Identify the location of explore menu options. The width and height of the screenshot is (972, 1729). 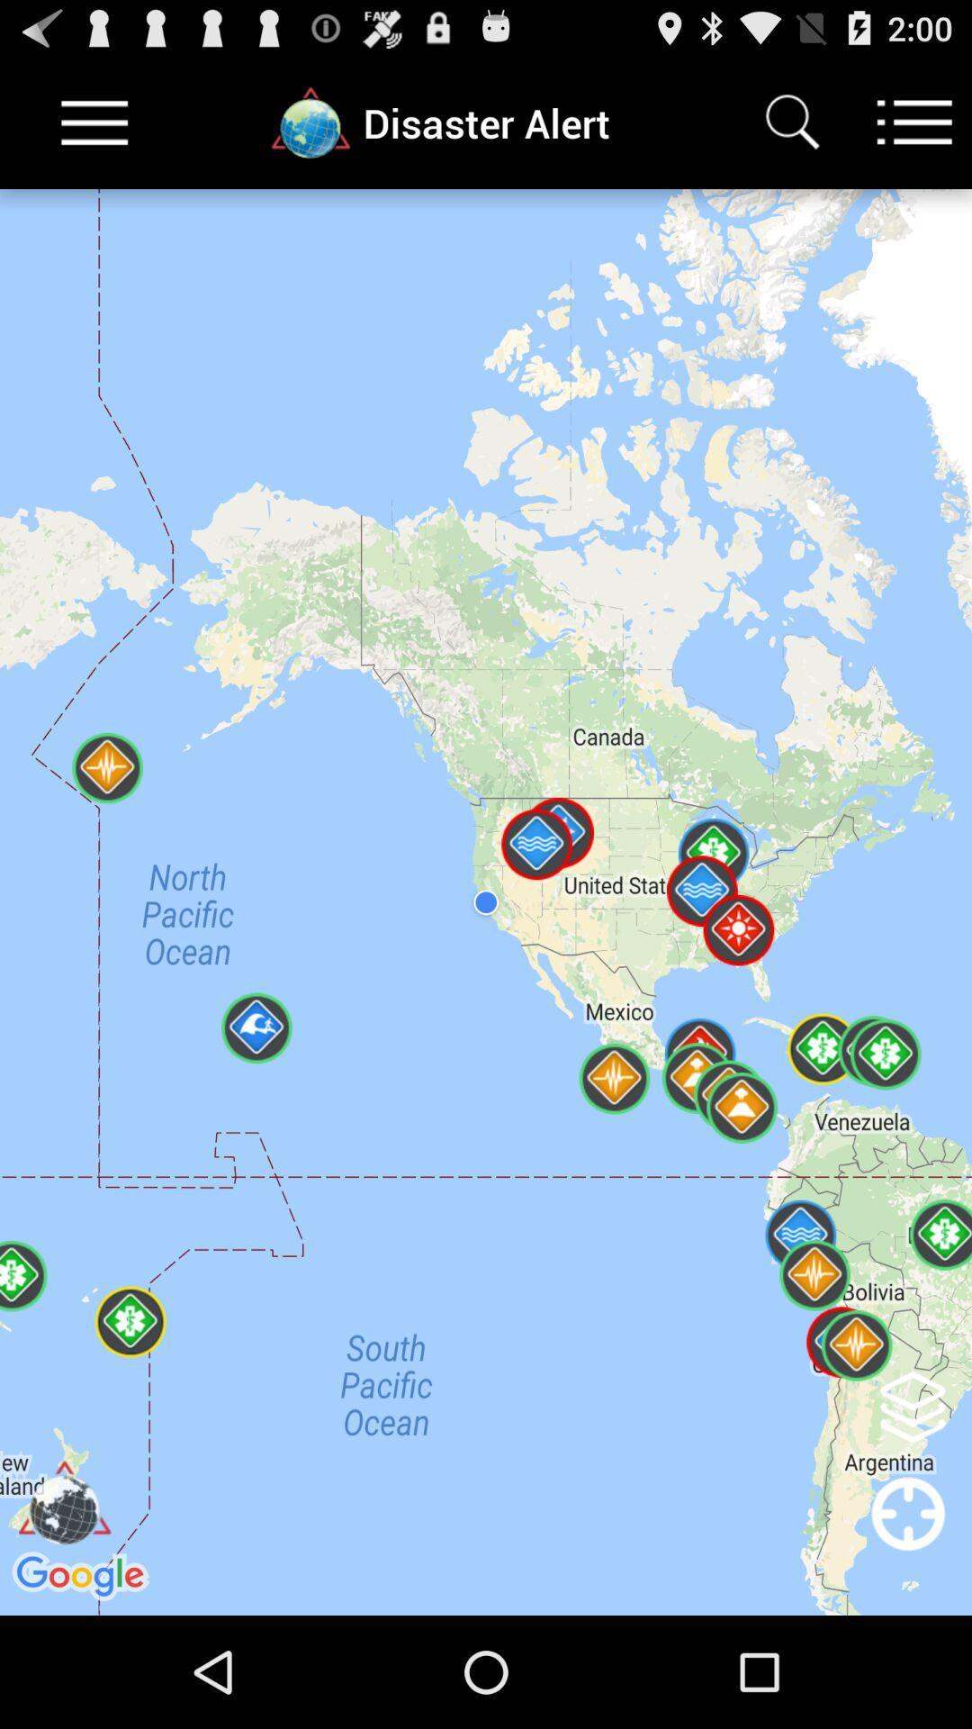
(914, 122).